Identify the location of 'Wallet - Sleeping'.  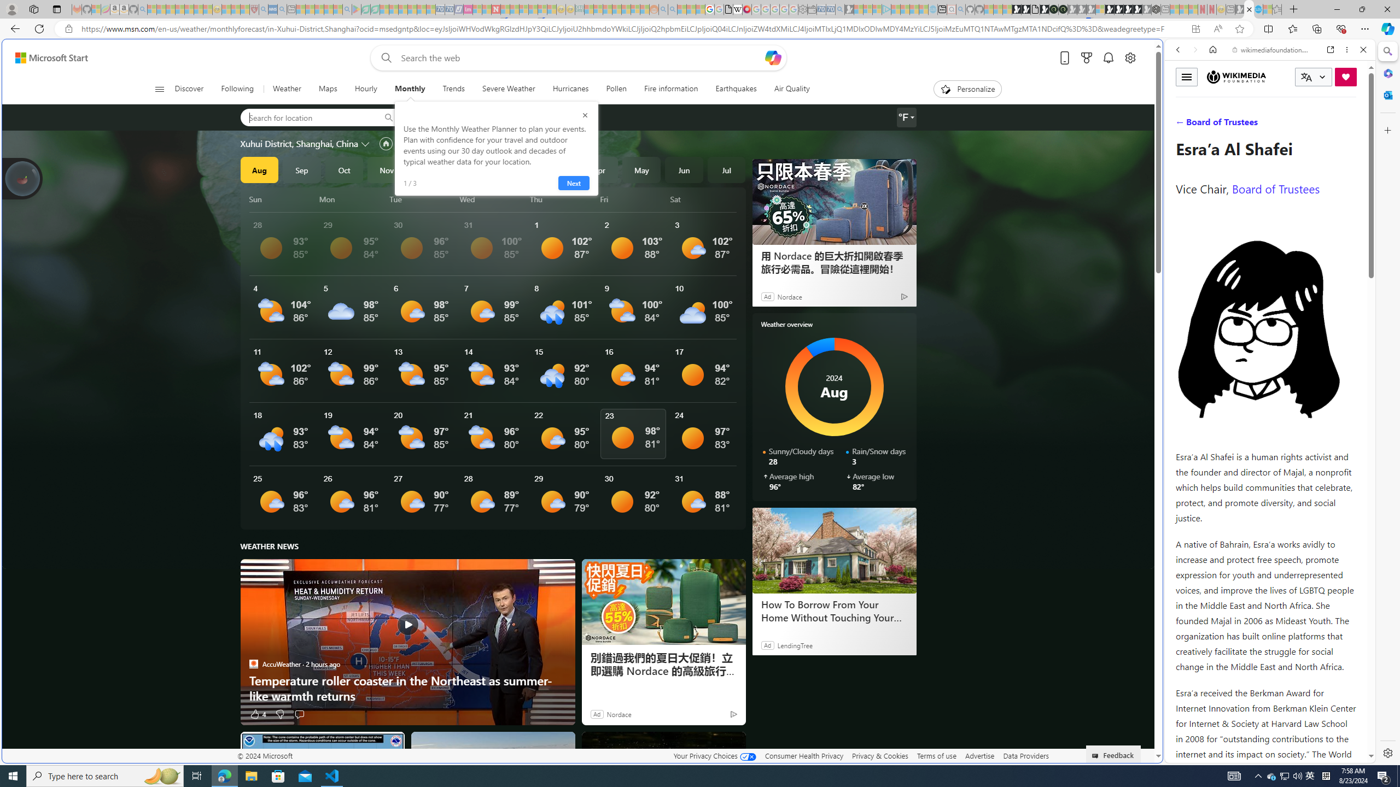
(811, 9).